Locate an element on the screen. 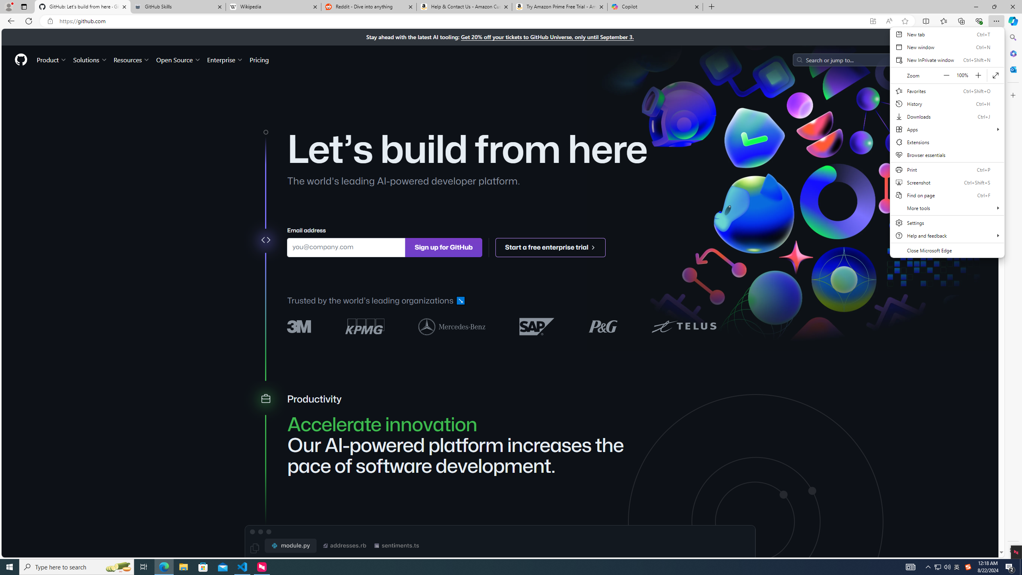 This screenshot has height=575, width=1022. 'Help & Contact Us - Amazon Customer Service' is located at coordinates (463, 6).